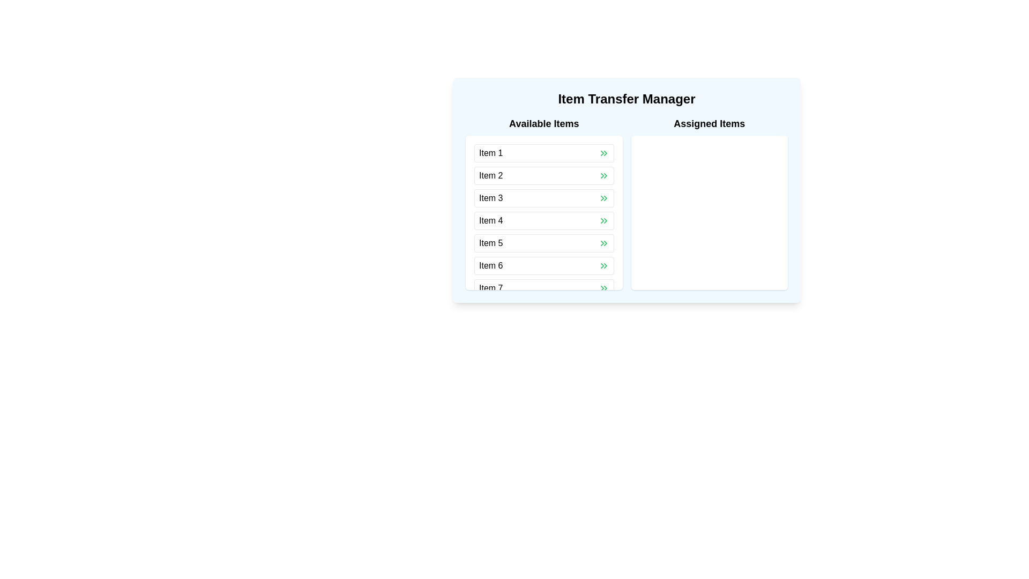  I want to click on the text label displaying 'Item 3' in the 'Available Items' section, which is the third item from the top, so click(490, 198).